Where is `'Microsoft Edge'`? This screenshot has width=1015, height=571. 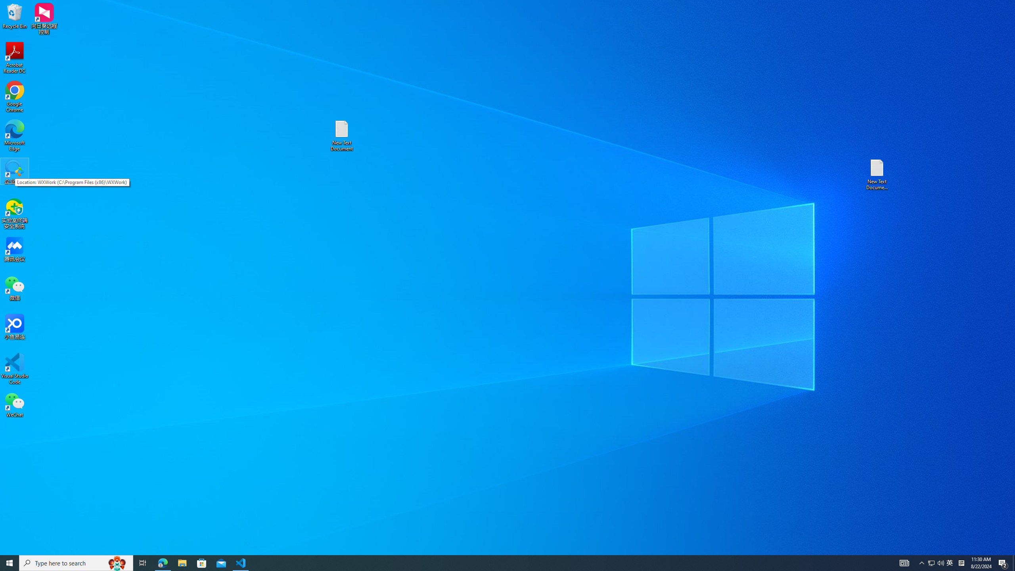 'Microsoft Edge' is located at coordinates (14, 135).